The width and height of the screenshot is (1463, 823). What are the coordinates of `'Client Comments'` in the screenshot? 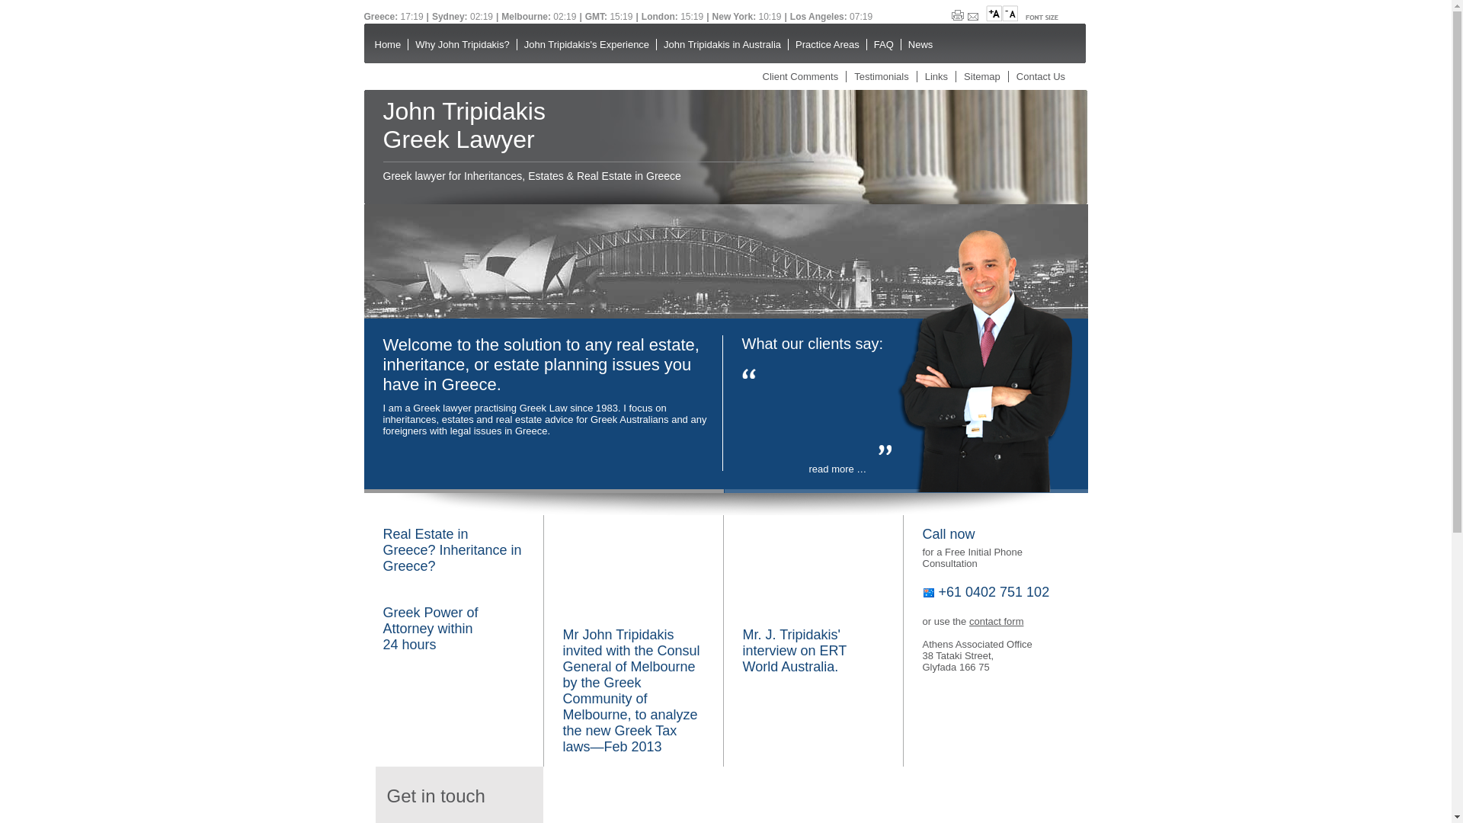 It's located at (799, 76).